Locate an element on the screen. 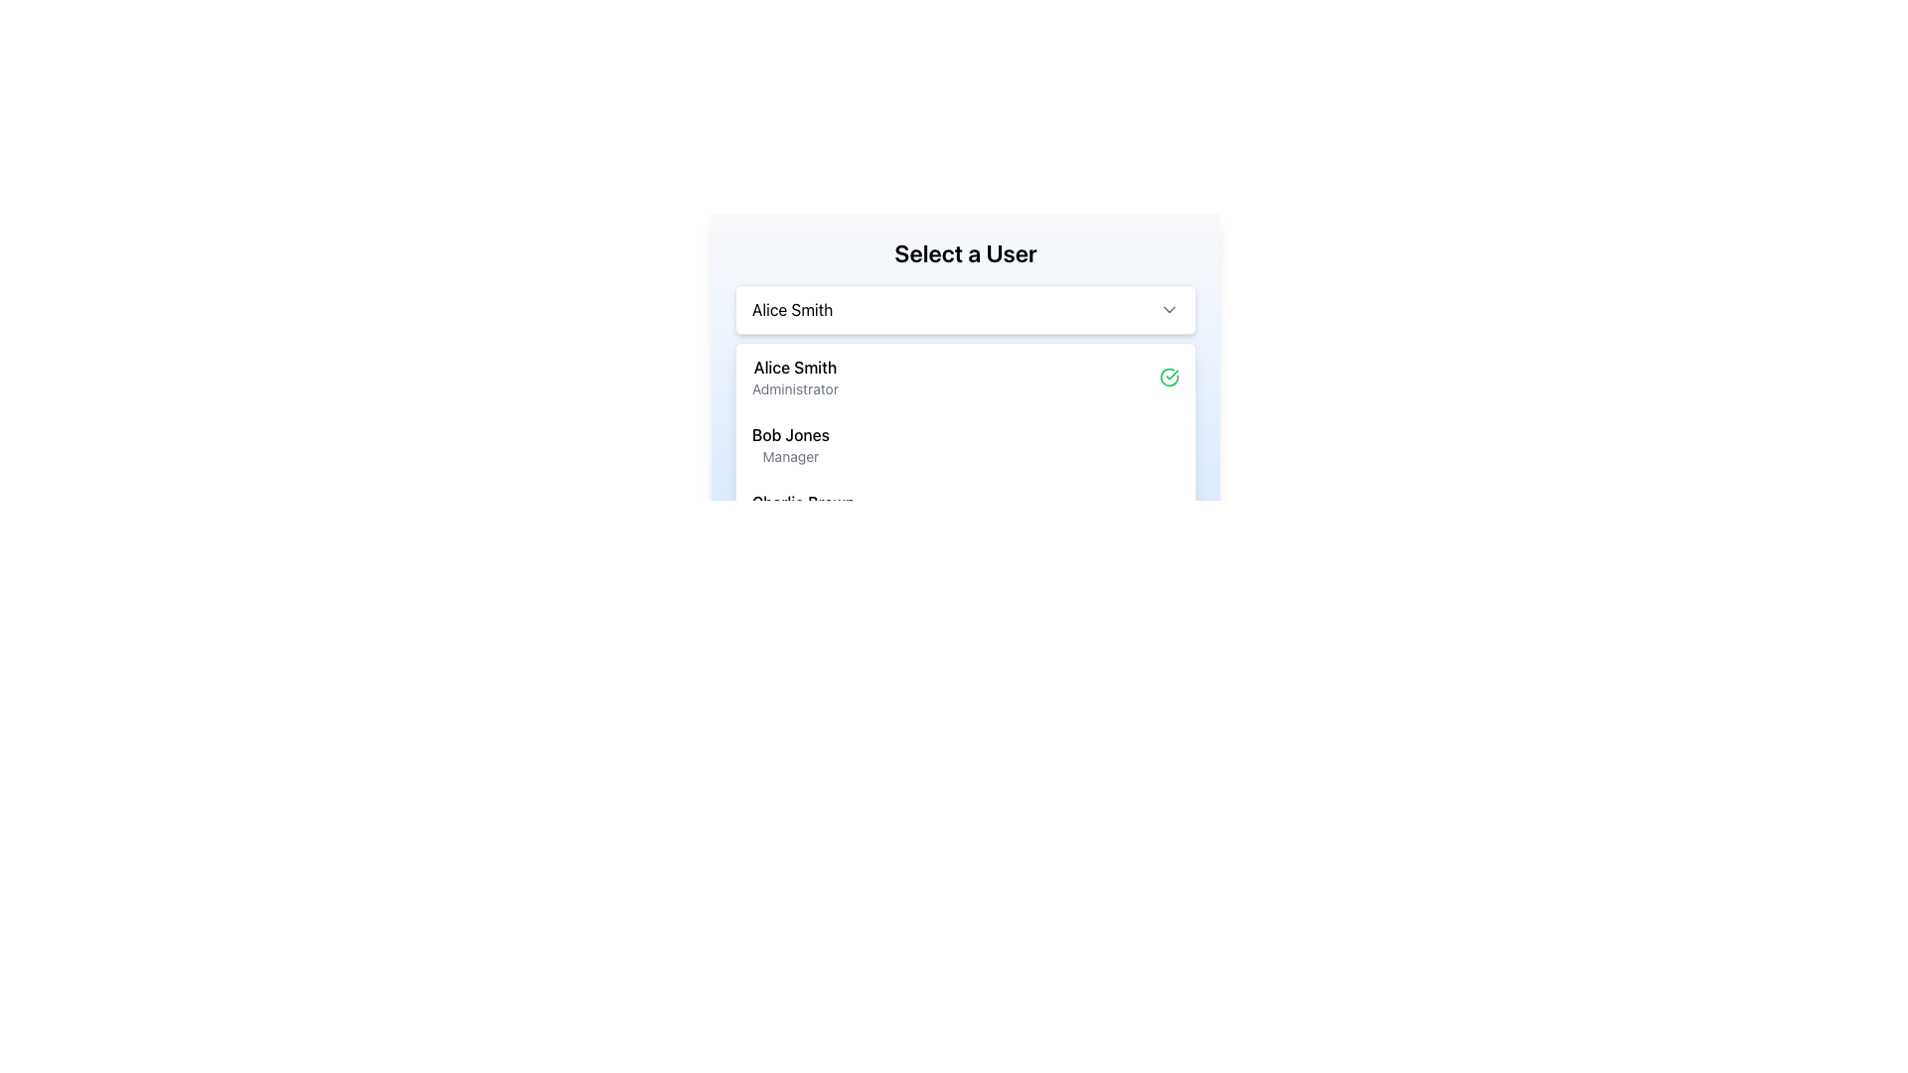 Image resolution: width=1908 pixels, height=1073 pixels. the menu item labeled 'Bob Jones' which is the second item in the 'Select a User' dropdown menu is located at coordinates (965, 443).